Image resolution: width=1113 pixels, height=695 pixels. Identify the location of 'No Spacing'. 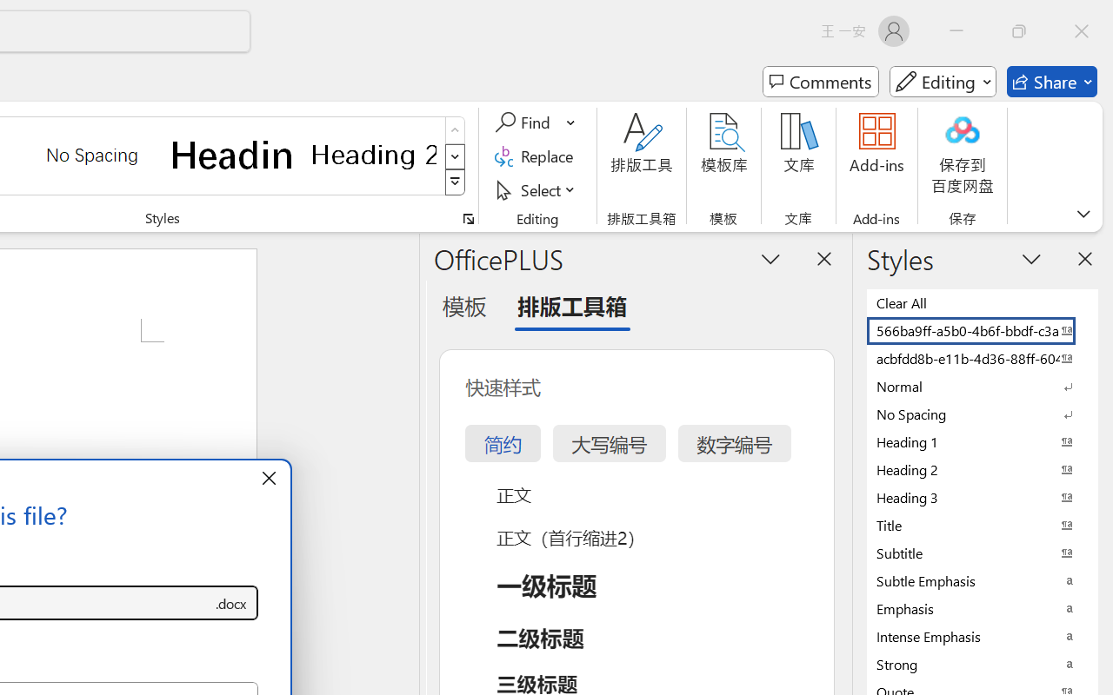
(983, 414).